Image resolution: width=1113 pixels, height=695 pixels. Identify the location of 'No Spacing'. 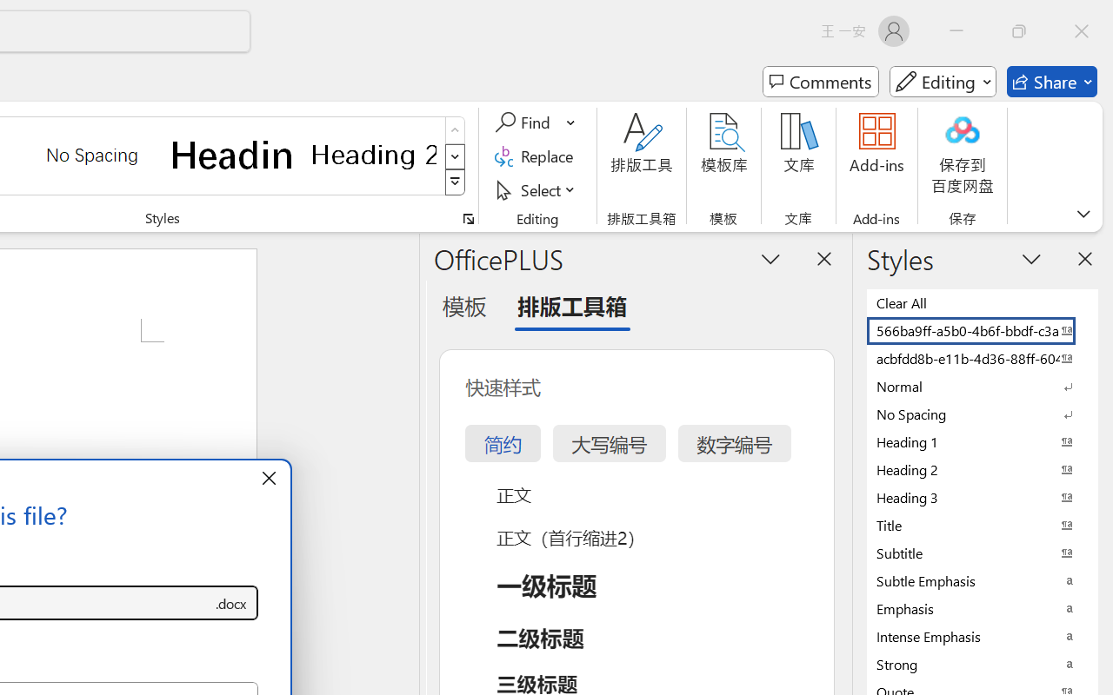
(983, 414).